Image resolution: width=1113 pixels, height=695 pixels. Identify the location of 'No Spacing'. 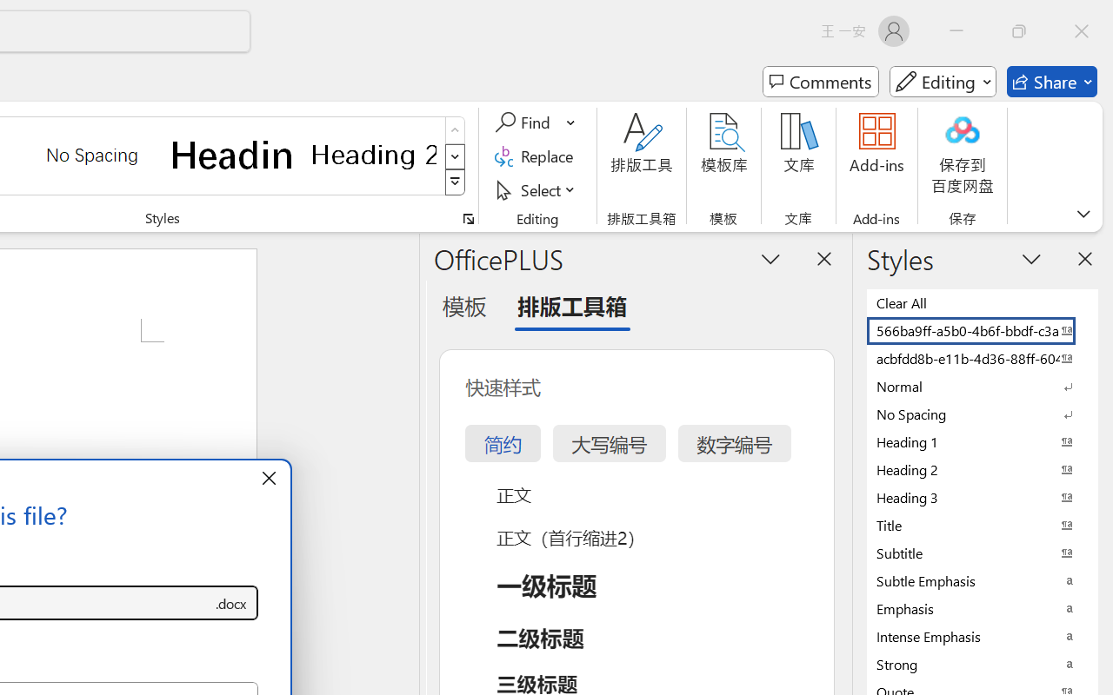
(983, 414).